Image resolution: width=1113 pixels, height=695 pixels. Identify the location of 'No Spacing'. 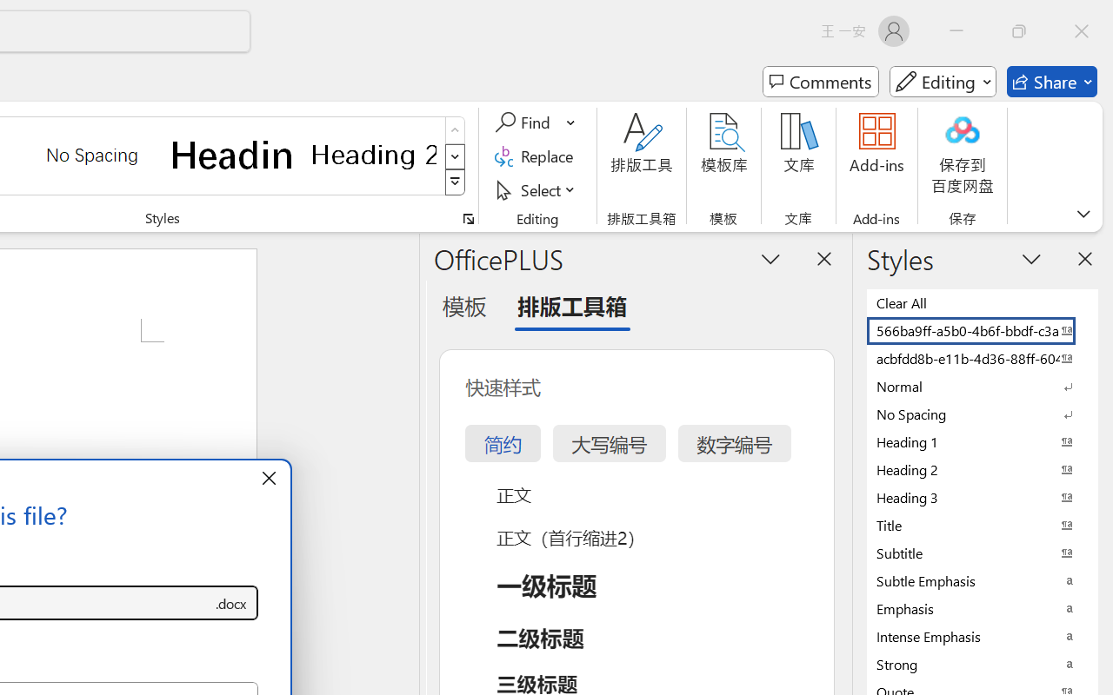
(983, 414).